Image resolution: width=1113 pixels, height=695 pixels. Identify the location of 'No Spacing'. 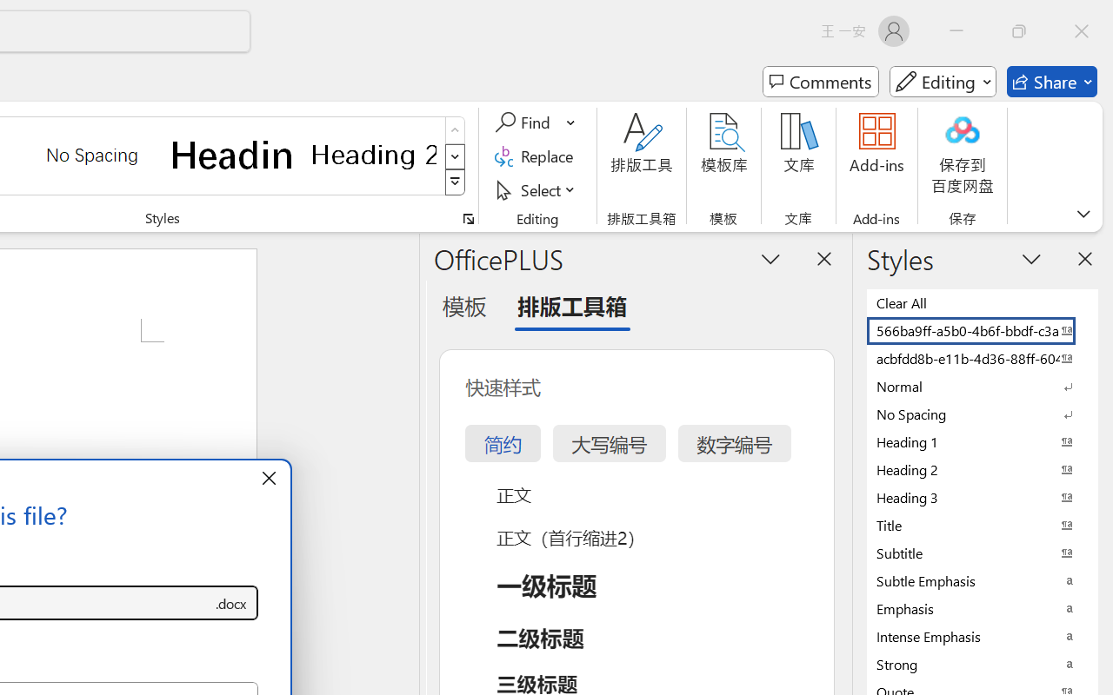
(983, 414).